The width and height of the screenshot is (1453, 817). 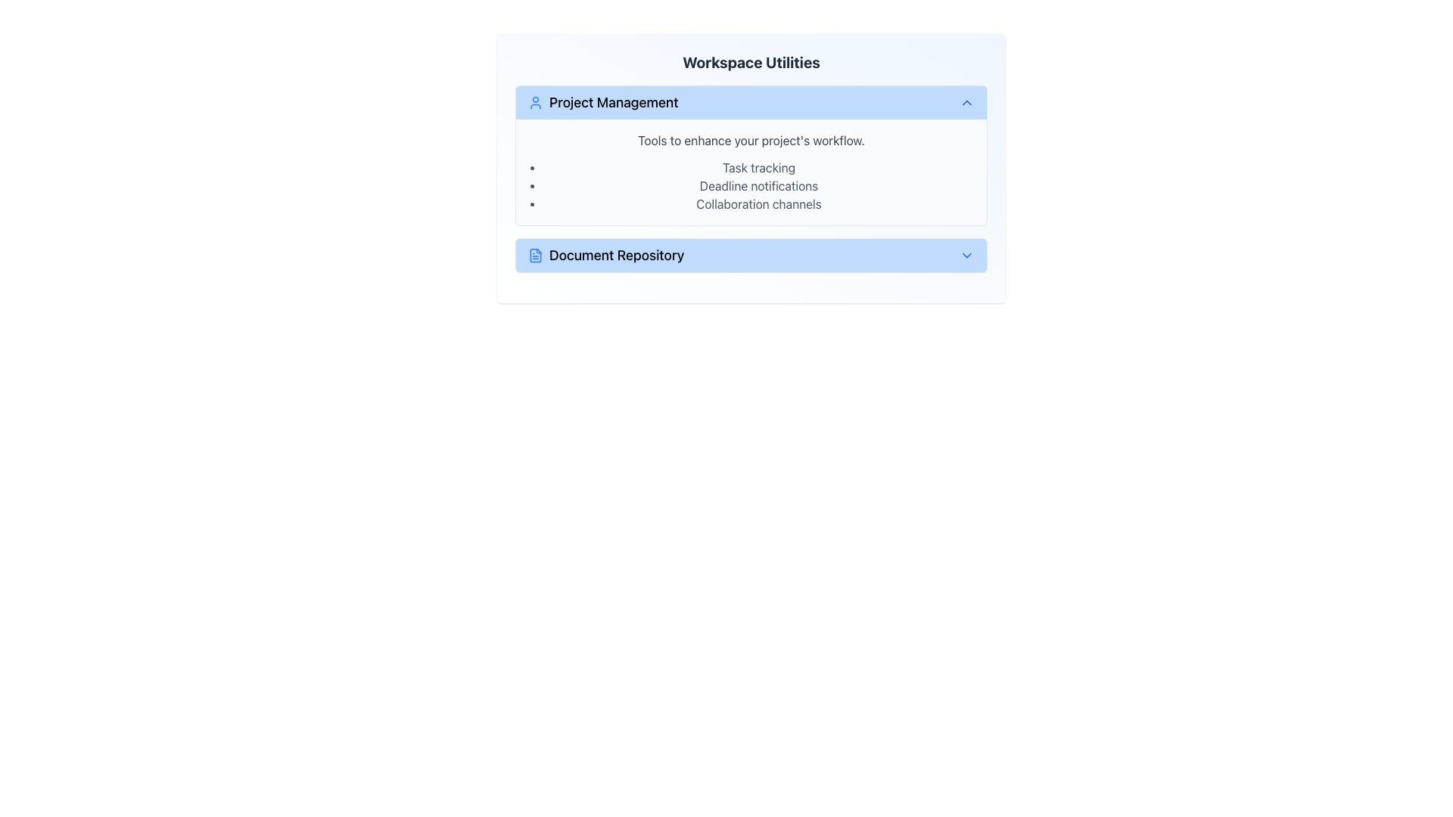 I want to click on the 'Project Management' text label with the user icon, so click(x=602, y=102).